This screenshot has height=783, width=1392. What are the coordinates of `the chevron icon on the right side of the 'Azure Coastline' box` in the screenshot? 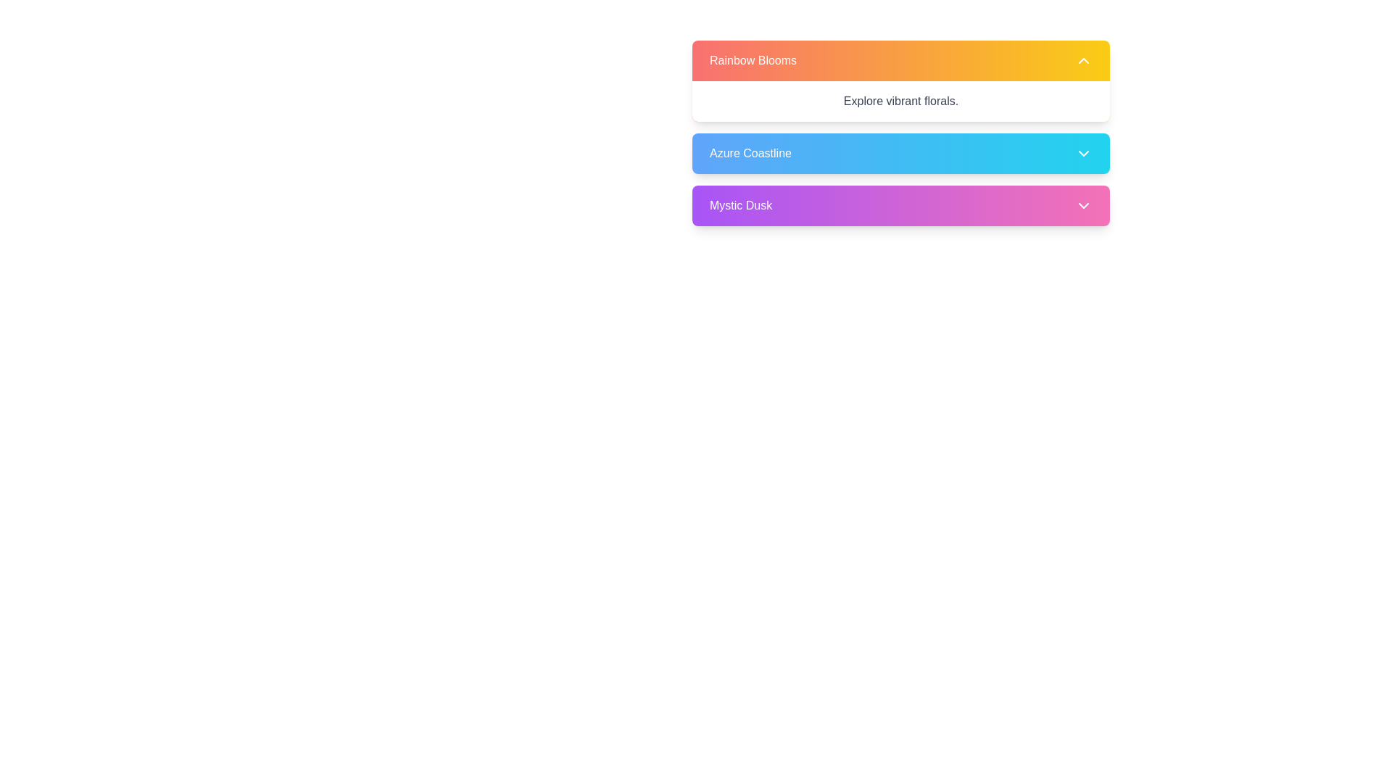 It's located at (1083, 154).